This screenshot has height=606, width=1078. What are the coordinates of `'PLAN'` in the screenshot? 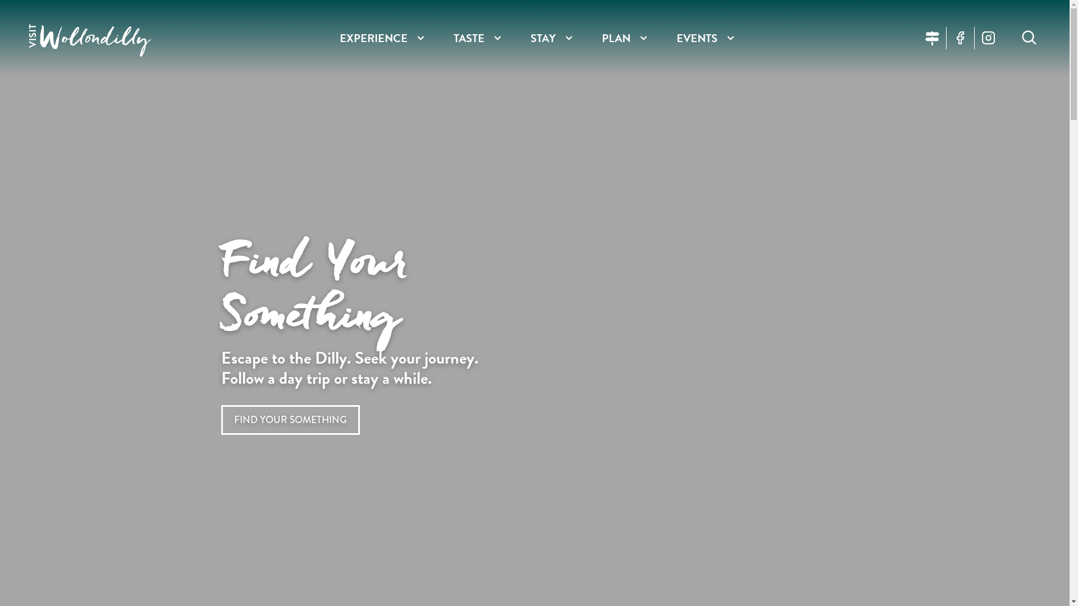 It's located at (615, 38).